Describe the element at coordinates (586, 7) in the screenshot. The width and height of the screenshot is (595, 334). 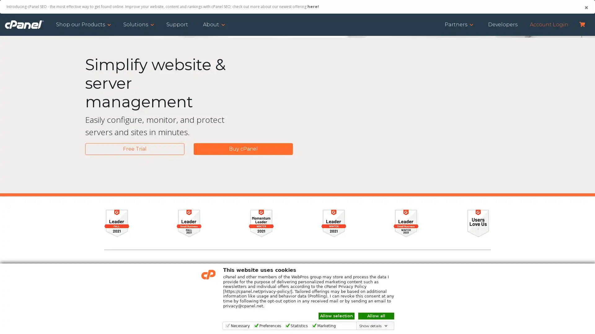
I see `Close` at that location.